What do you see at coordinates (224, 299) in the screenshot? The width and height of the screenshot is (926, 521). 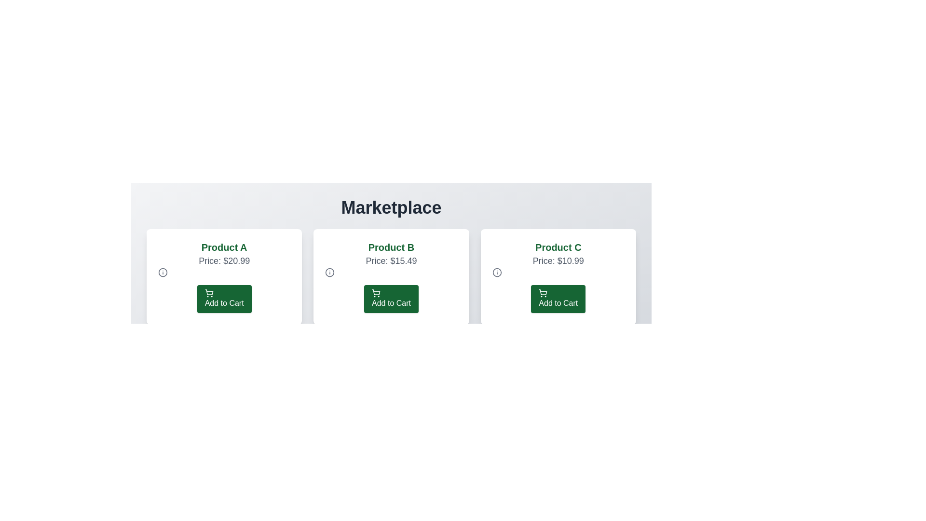 I see `the button that adds 'Product A' to the shopping cart` at bounding box center [224, 299].